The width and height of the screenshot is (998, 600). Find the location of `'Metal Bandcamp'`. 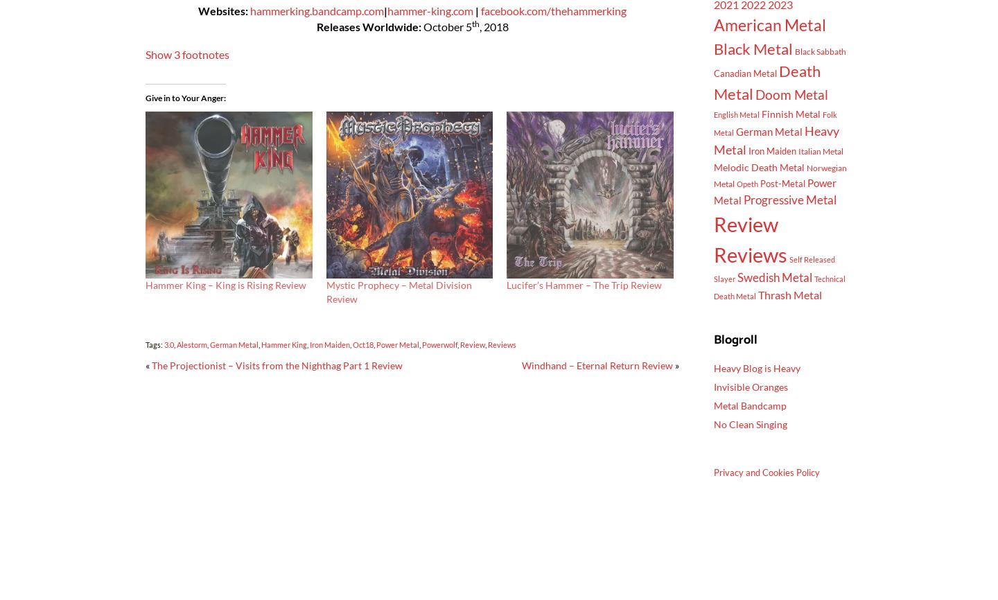

'Metal Bandcamp' is located at coordinates (749, 405).